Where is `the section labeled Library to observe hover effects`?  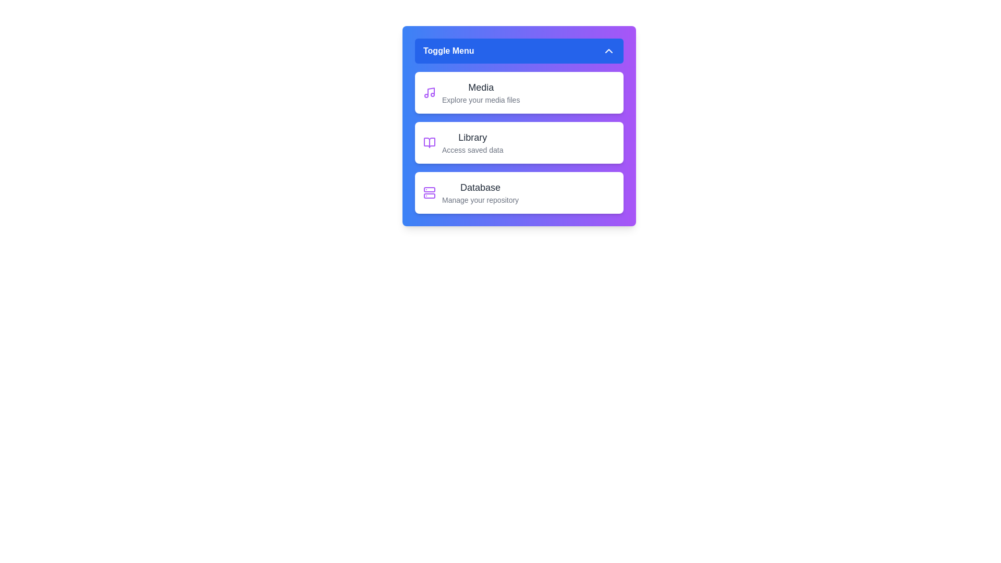 the section labeled Library to observe hover effects is located at coordinates (519, 142).